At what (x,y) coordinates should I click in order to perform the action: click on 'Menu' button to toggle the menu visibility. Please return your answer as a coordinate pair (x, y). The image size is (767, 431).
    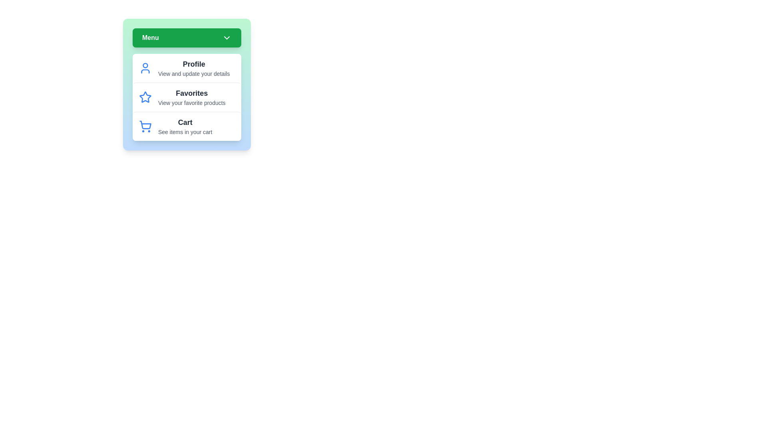
    Looking at the image, I should click on (186, 38).